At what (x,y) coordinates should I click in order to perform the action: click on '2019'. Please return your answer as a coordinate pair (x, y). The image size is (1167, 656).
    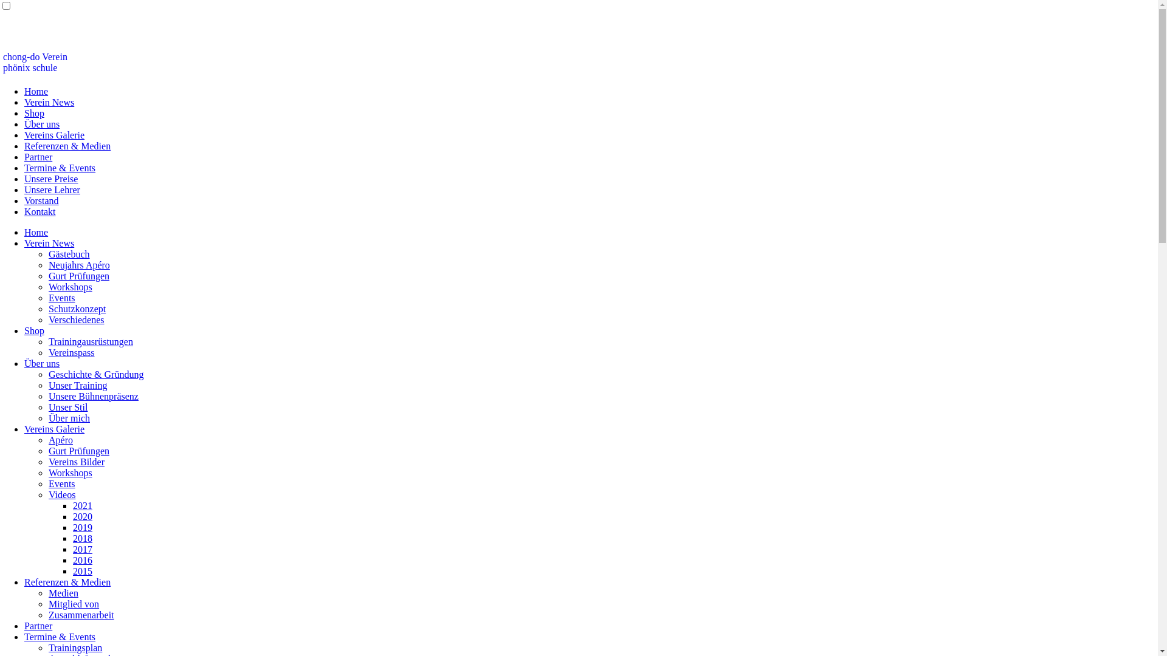
    Looking at the image, I should click on (72, 527).